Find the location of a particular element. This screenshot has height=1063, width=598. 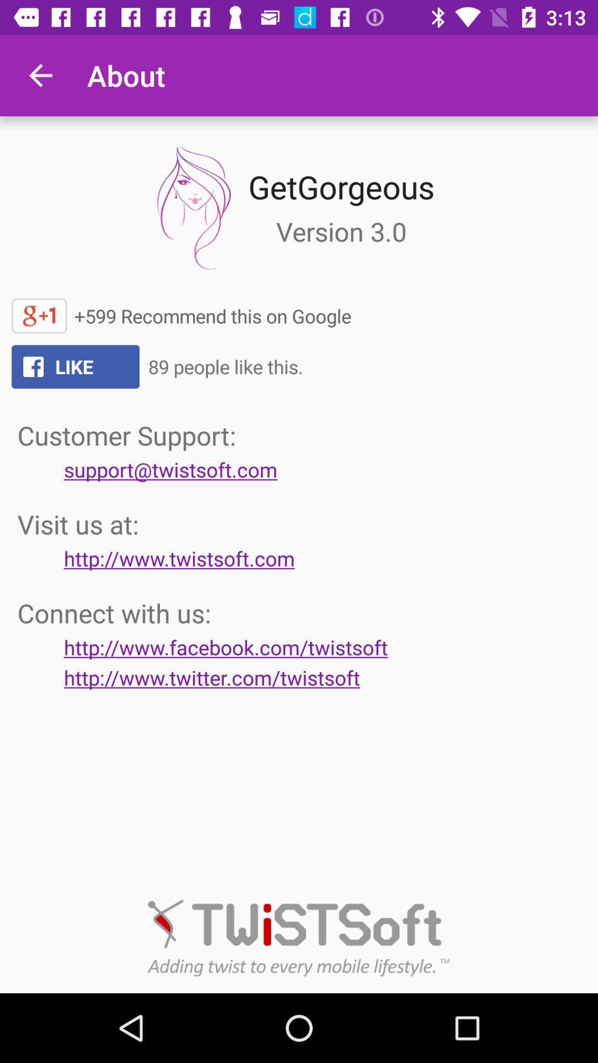

the last link from the bottom of web page is located at coordinates (212, 677).